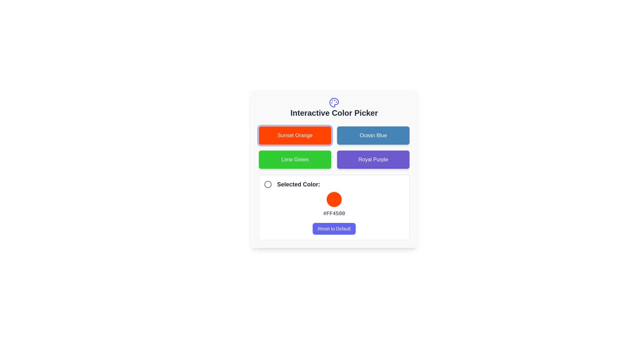 The width and height of the screenshot is (626, 352). What do you see at coordinates (334, 113) in the screenshot?
I see `the main title or heading static text located at the top center of the interface, beneath the circular color palette icon` at bounding box center [334, 113].